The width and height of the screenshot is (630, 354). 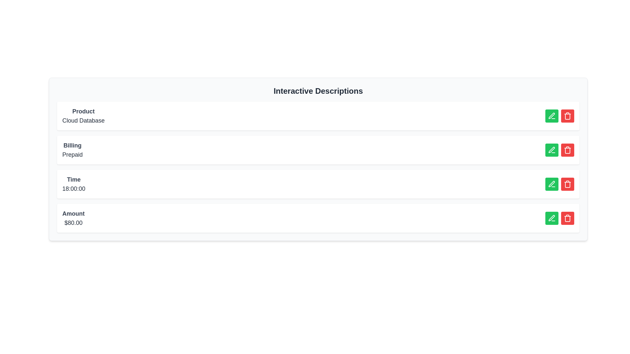 What do you see at coordinates (551, 184) in the screenshot?
I see `the green edit button featuring a white pen icon to initiate editing adjacent to the 'Time: 18:00:00' entry` at bounding box center [551, 184].